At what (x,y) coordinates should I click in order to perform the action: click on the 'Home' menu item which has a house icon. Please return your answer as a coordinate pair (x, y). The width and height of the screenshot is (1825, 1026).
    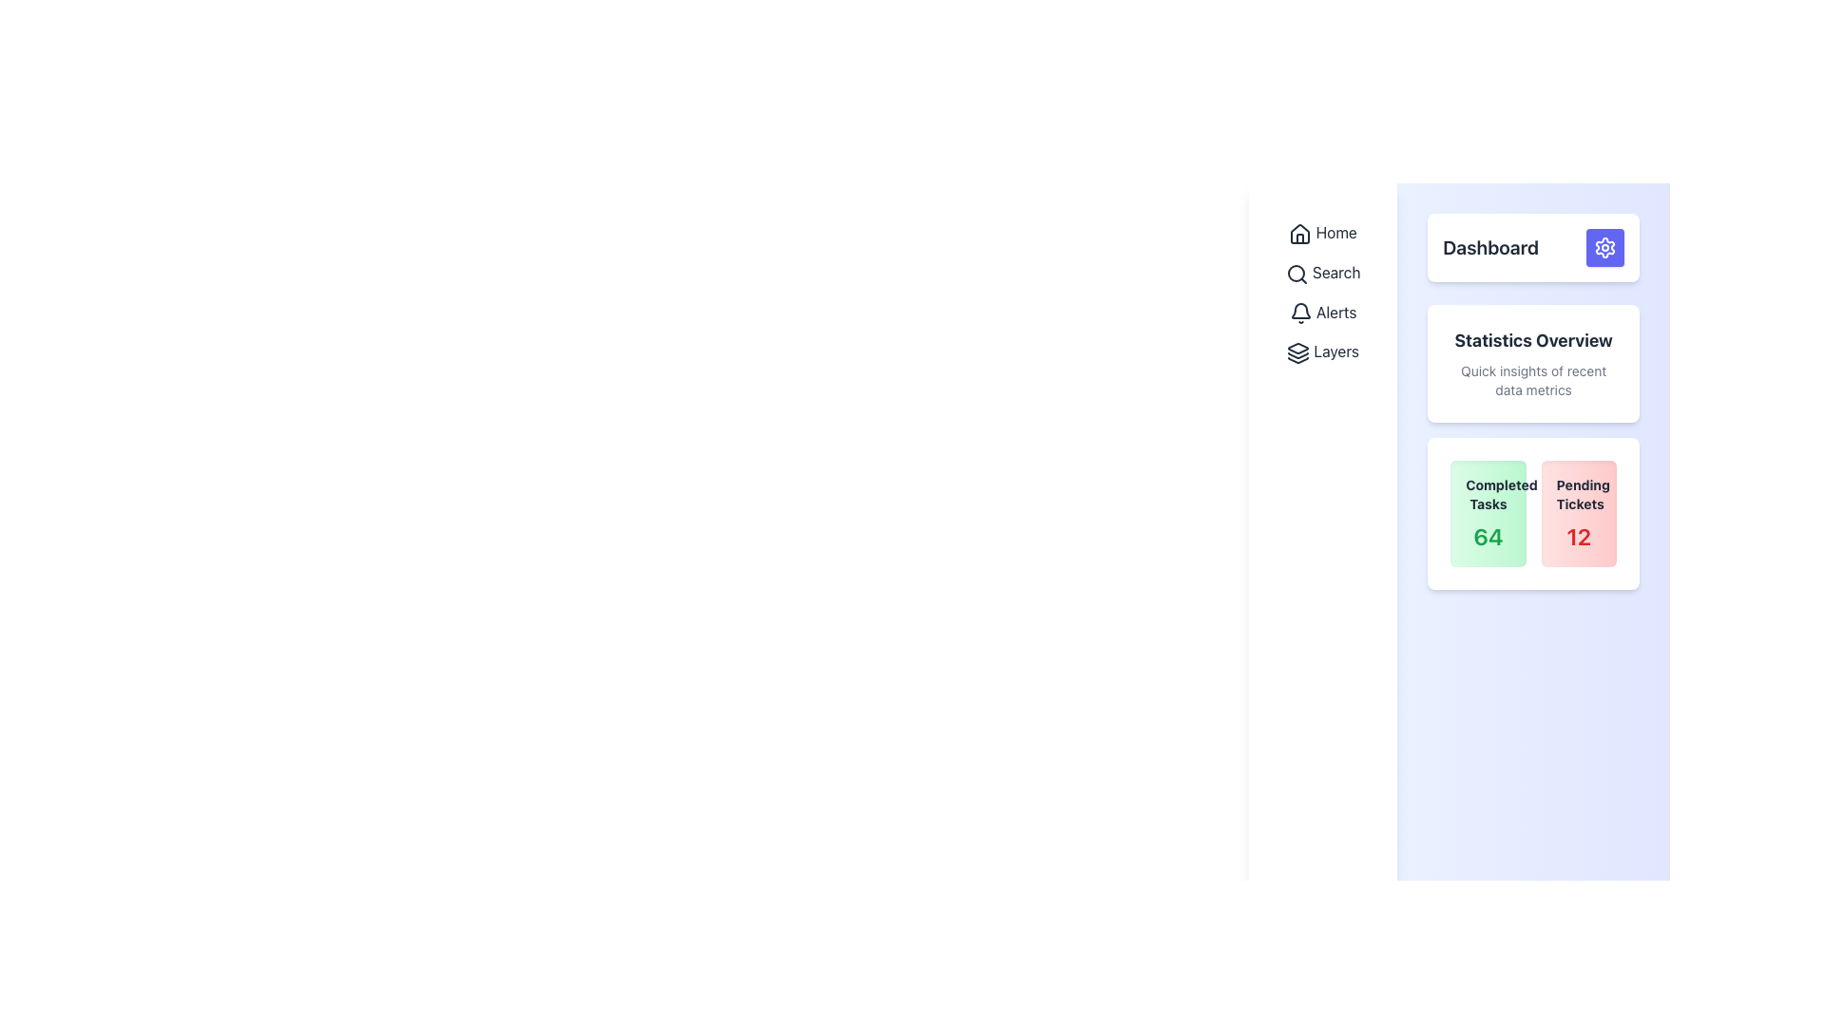
    Looking at the image, I should click on (1322, 232).